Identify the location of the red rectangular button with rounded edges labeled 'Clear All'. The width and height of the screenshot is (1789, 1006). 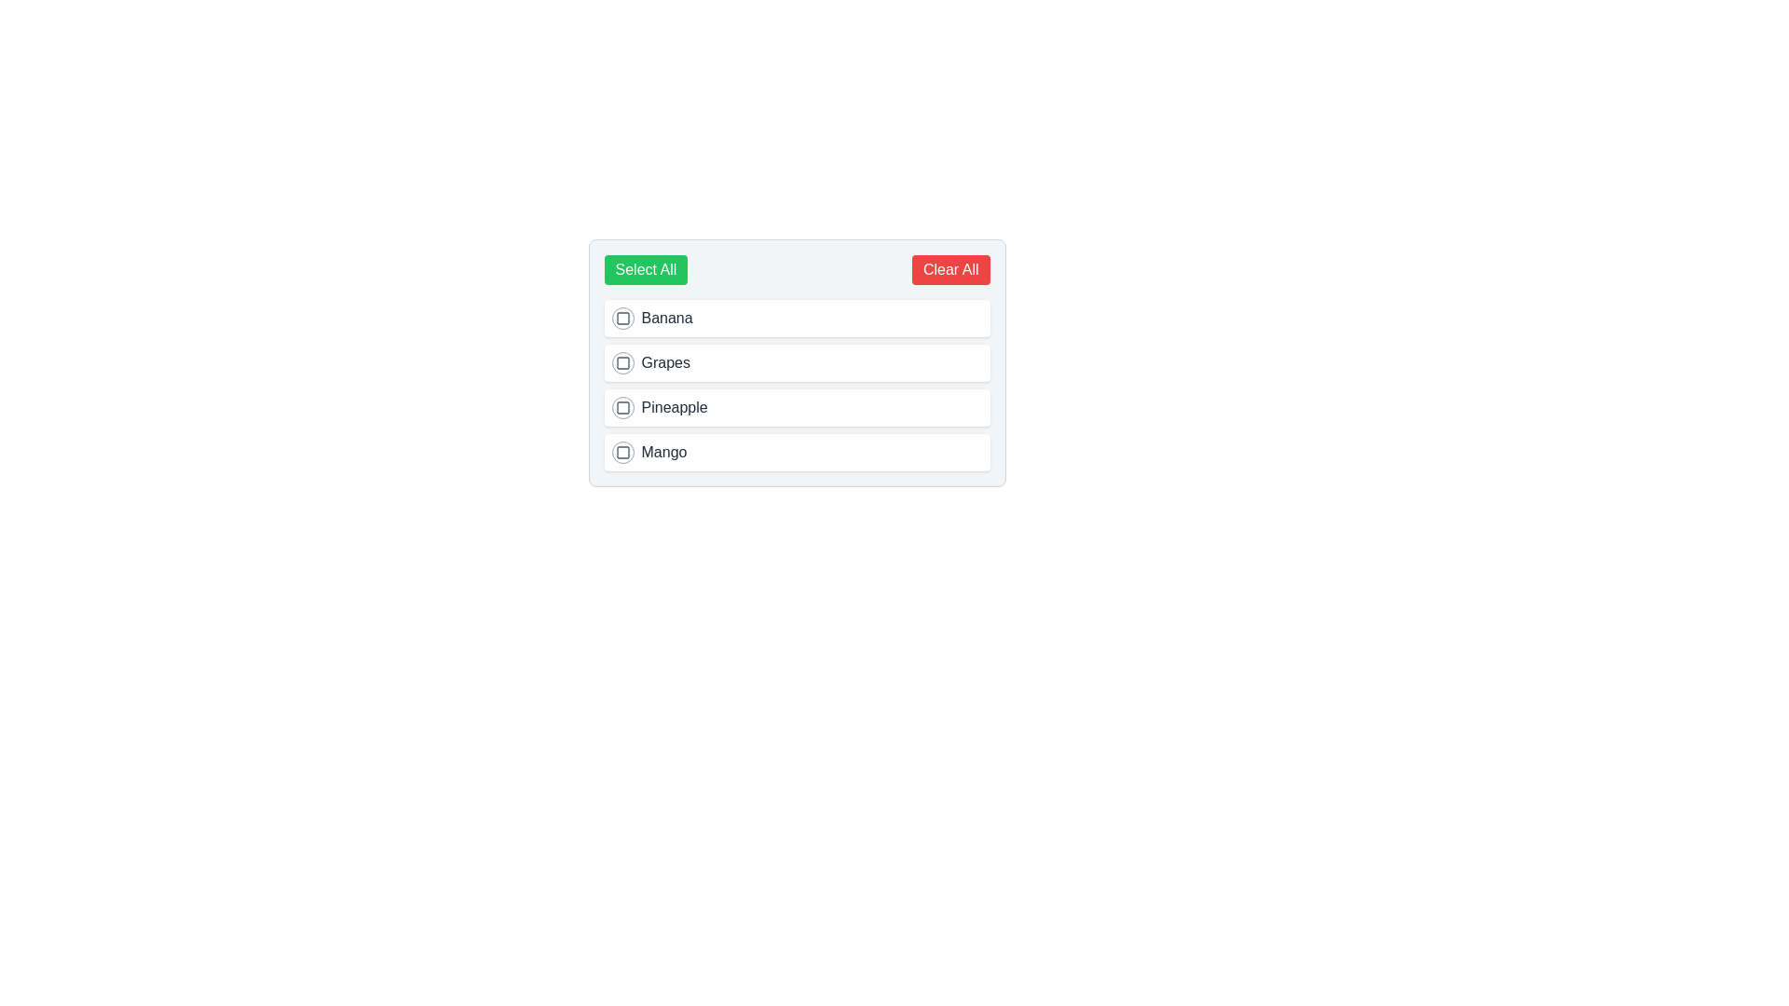
(950, 269).